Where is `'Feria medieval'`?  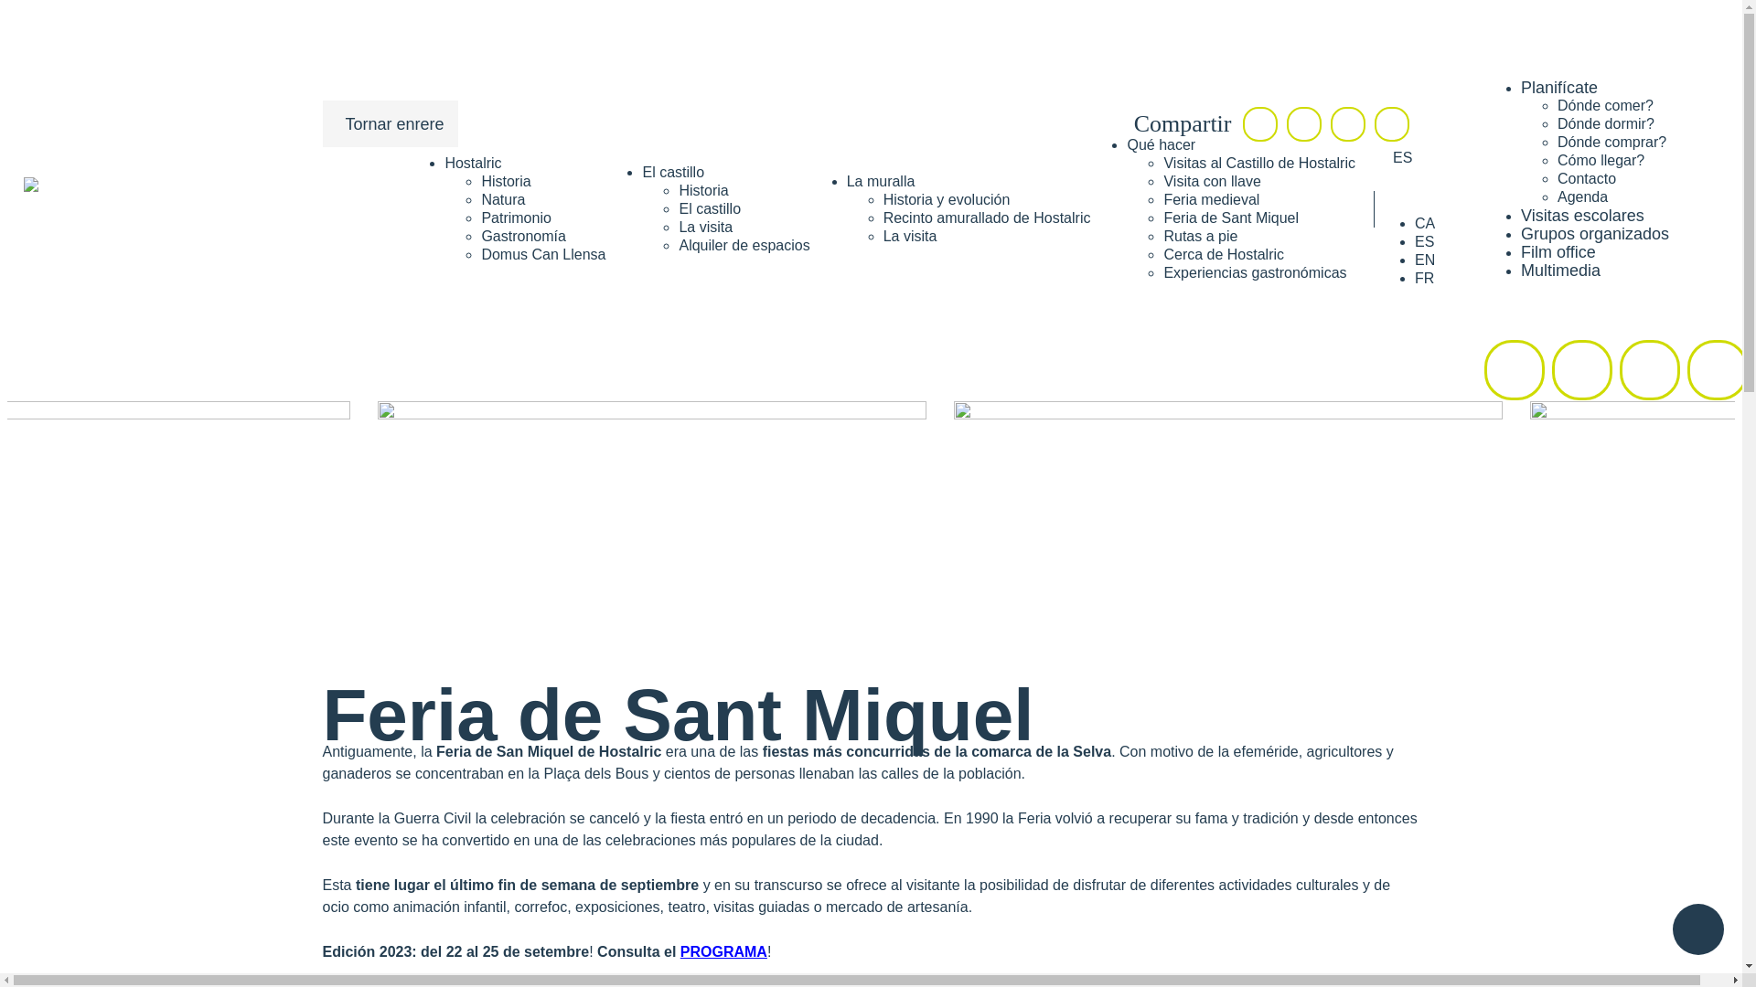
'Feria medieval' is located at coordinates (1211, 199).